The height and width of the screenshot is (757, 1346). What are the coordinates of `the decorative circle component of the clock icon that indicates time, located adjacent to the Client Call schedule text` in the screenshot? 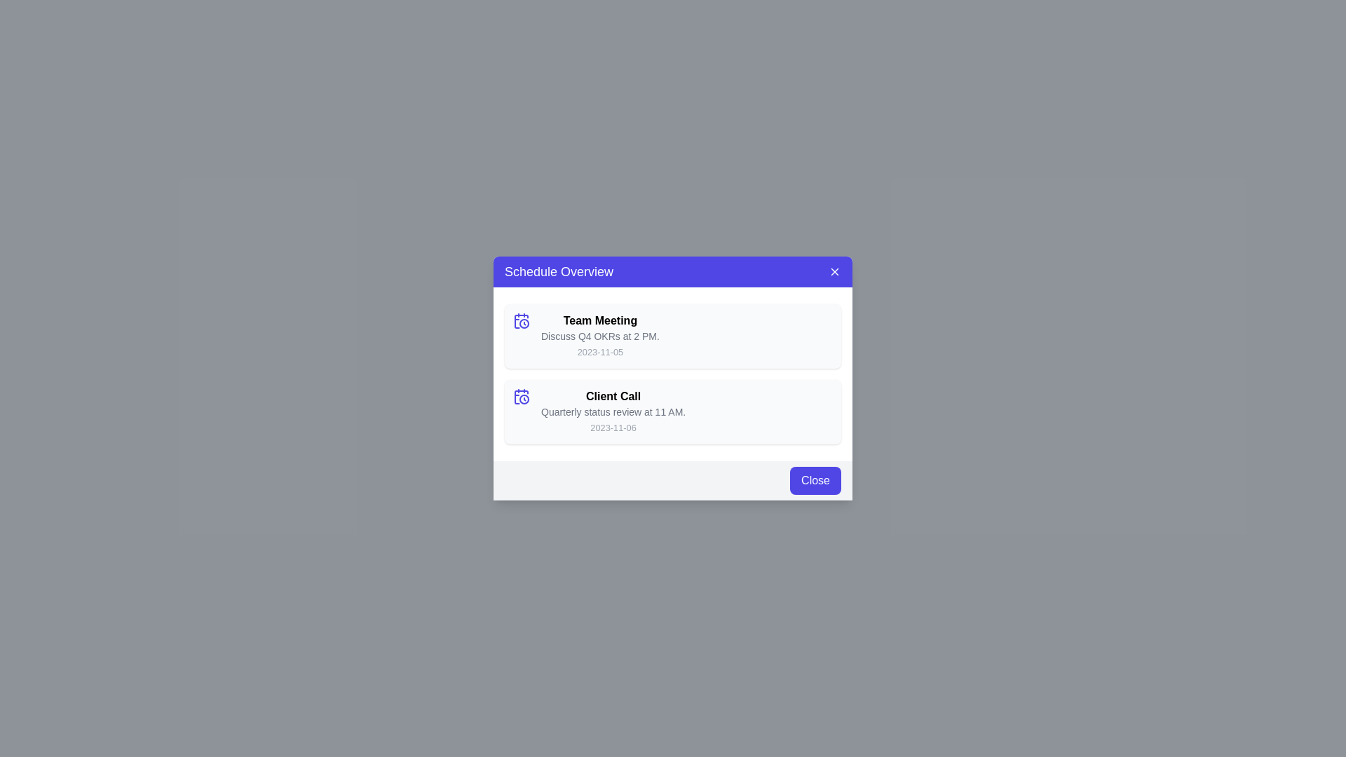 It's located at (524, 400).